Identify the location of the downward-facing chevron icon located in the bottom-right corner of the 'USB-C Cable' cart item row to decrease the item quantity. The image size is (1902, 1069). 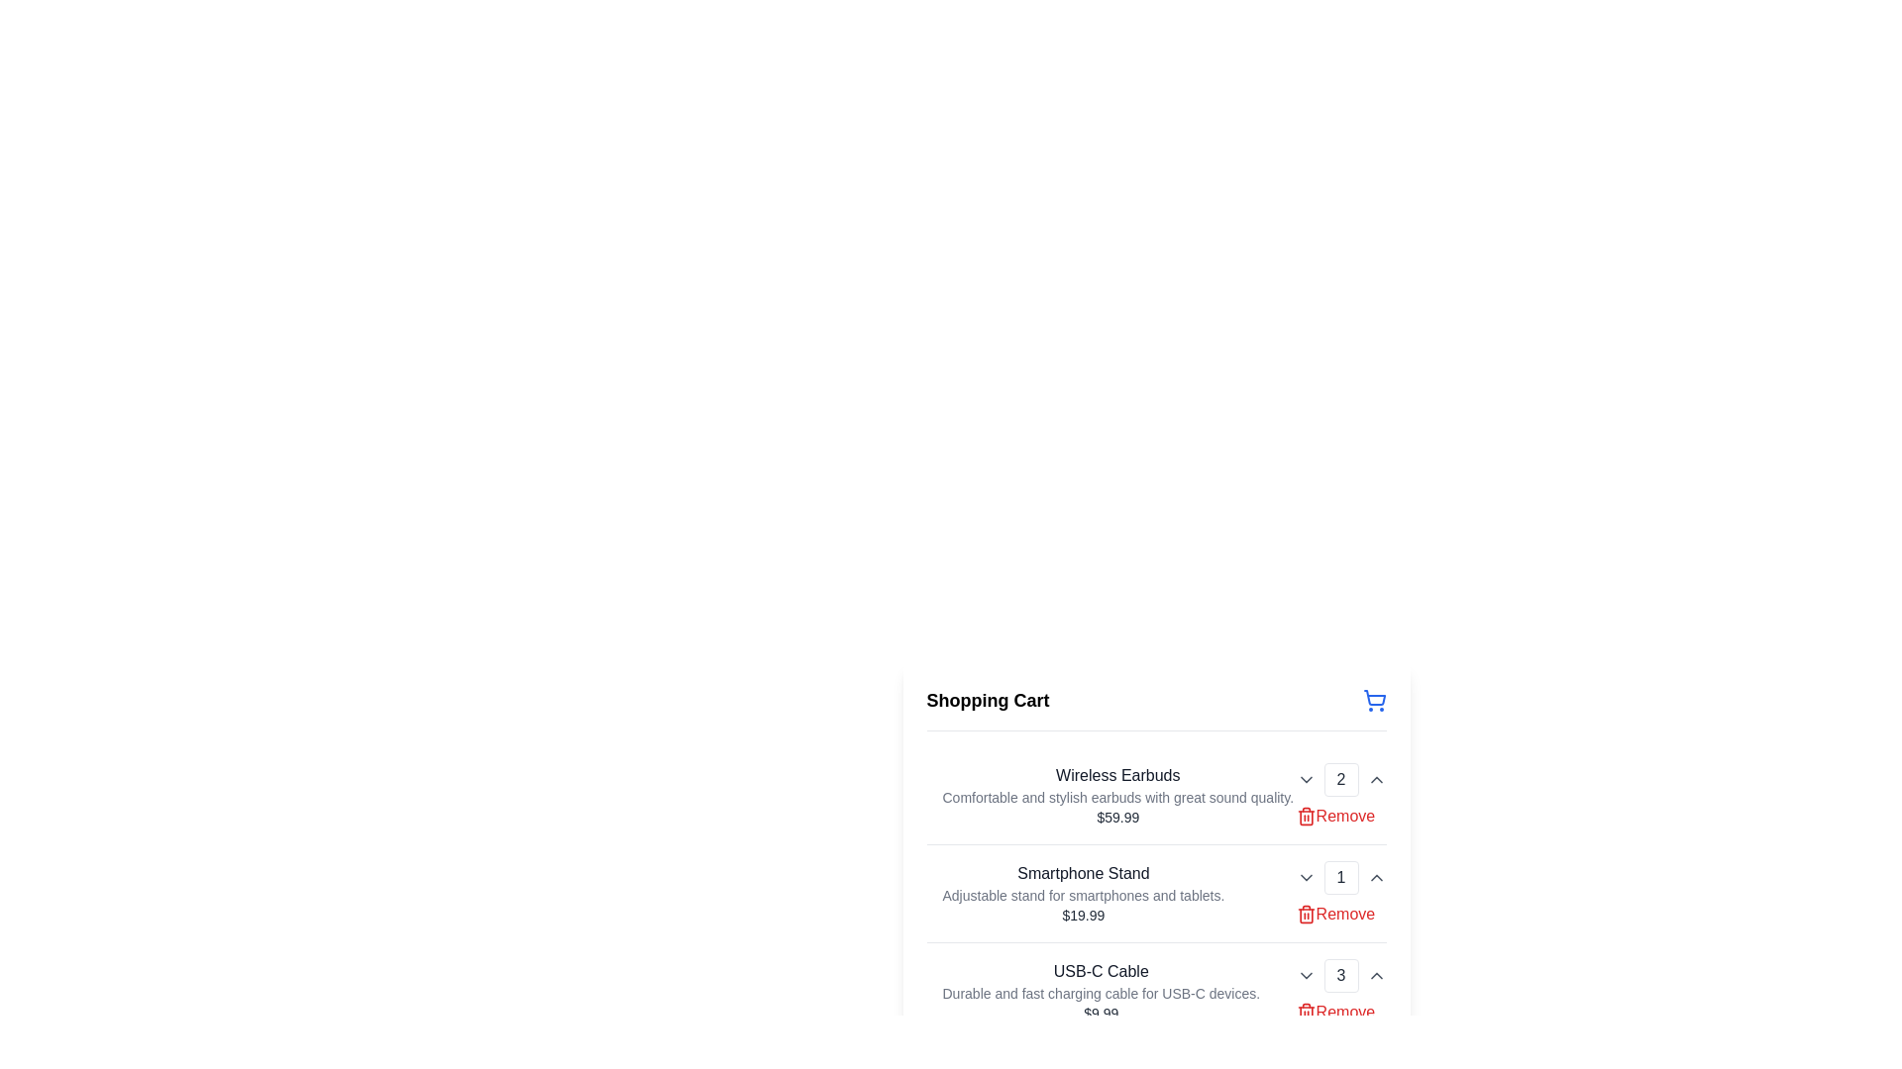
(1306, 975).